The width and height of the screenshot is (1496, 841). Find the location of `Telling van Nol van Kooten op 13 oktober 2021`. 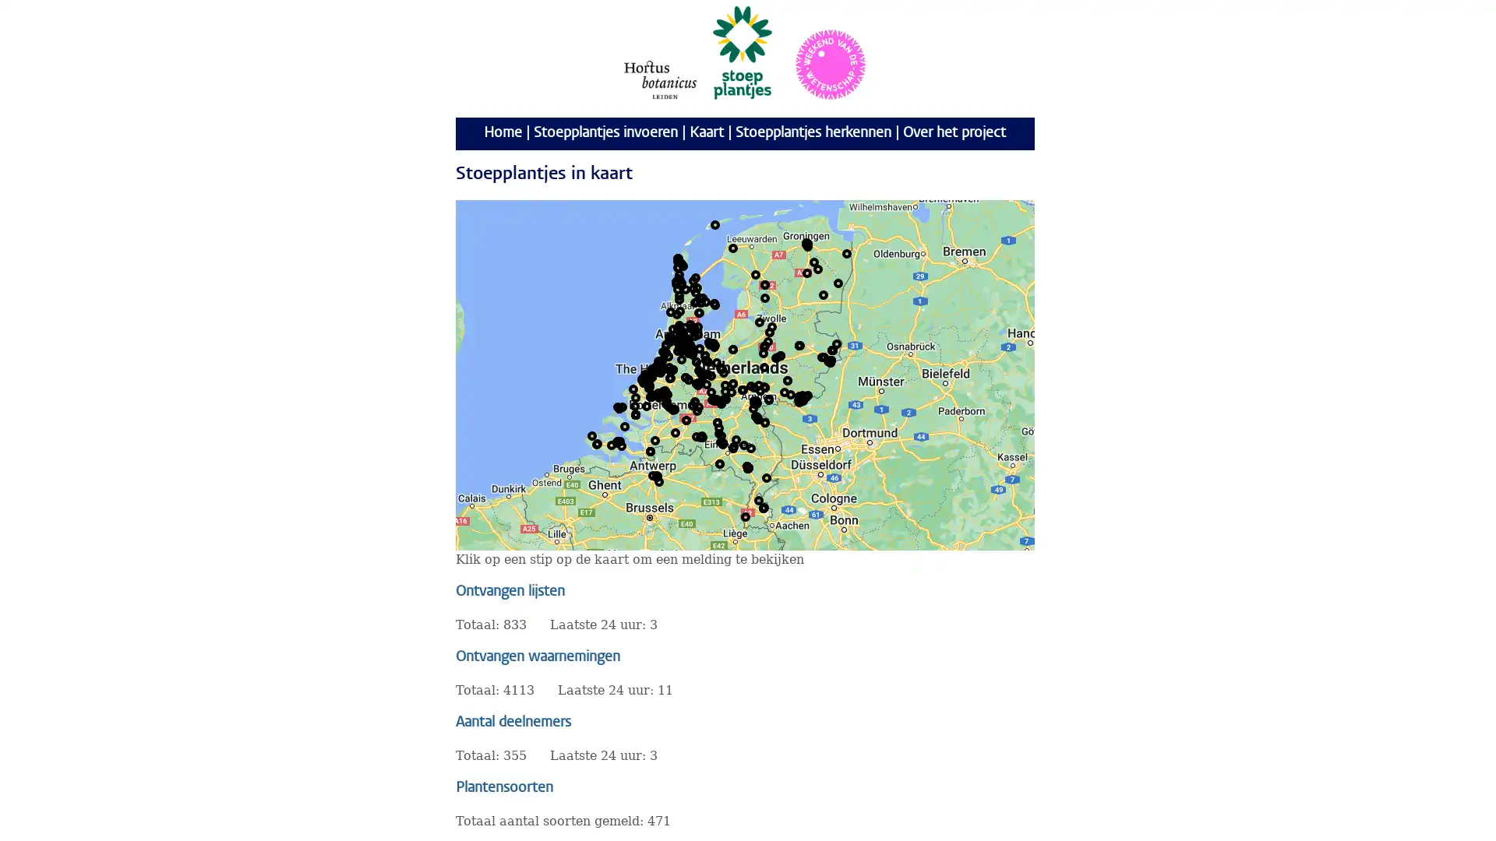

Telling van Nol van Kooten op 13 oktober 2021 is located at coordinates (692, 351).